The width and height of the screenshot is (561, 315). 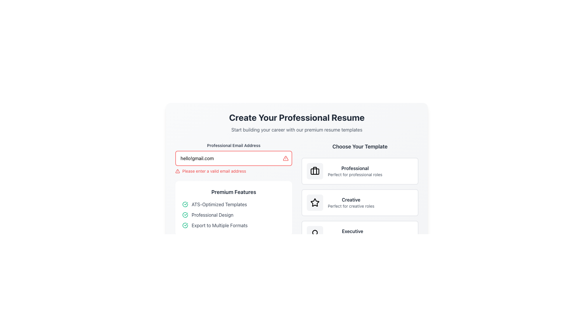 What do you see at coordinates (351, 206) in the screenshot?
I see `the text label displaying 'Perfect for creative roles', which is located below the 'Creative' label in the right section of the interface` at bounding box center [351, 206].